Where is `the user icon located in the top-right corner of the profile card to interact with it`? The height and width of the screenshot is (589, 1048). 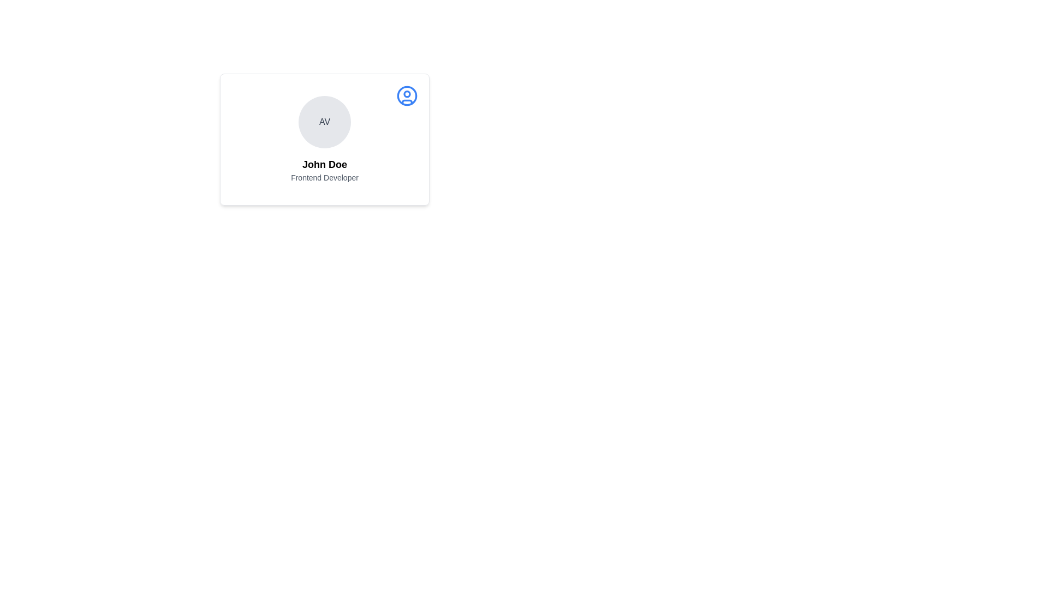 the user icon located in the top-right corner of the profile card to interact with it is located at coordinates (406, 95).